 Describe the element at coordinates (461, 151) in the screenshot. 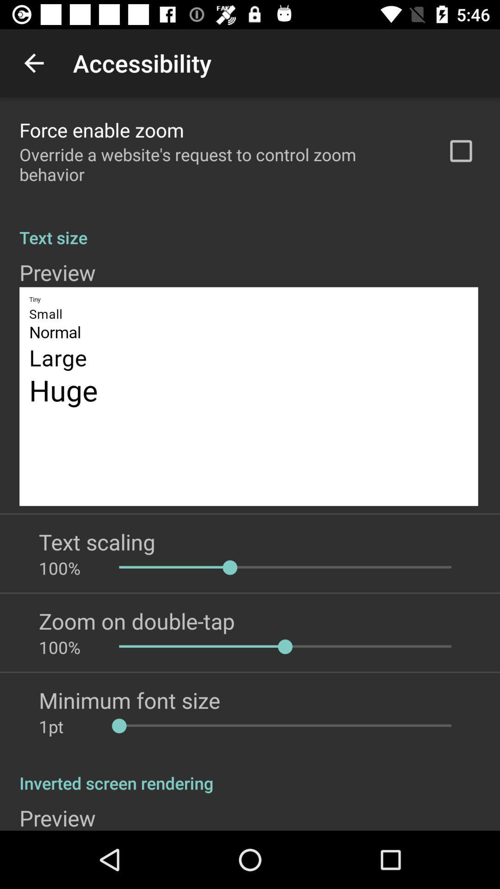

I see `the icon at the top right corner` at that location.